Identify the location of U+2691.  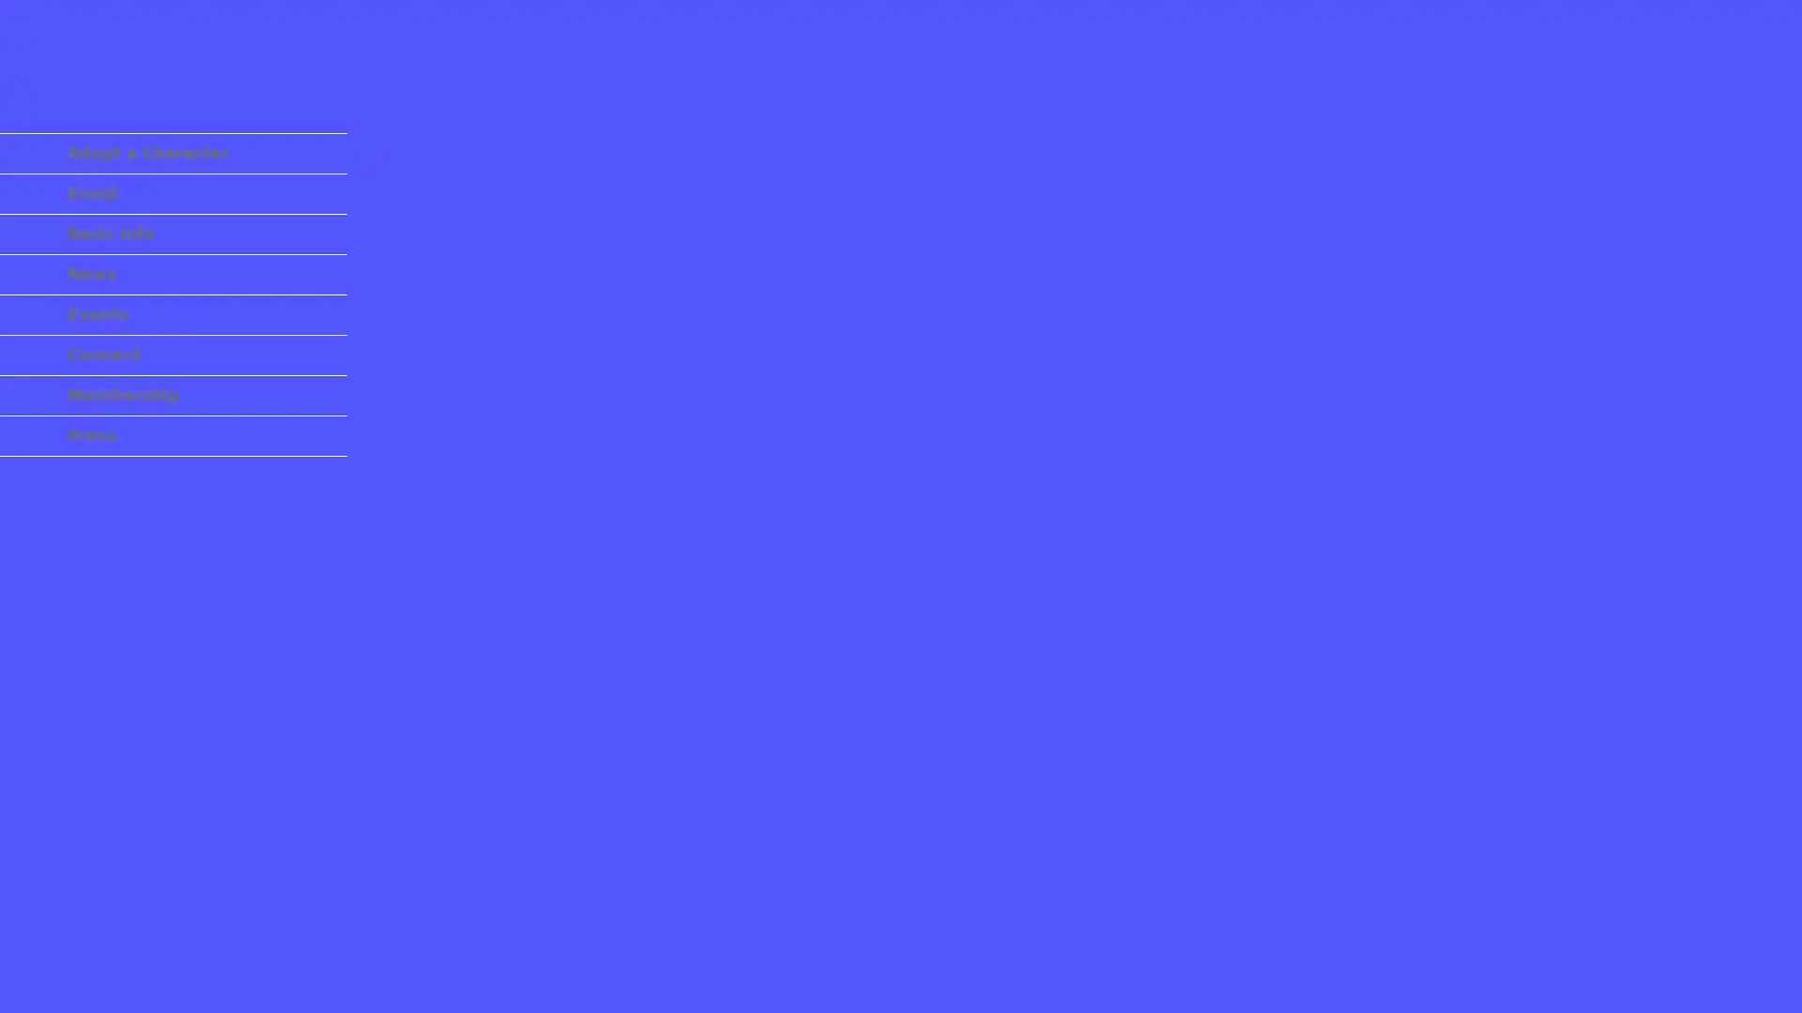
(1441, 361).